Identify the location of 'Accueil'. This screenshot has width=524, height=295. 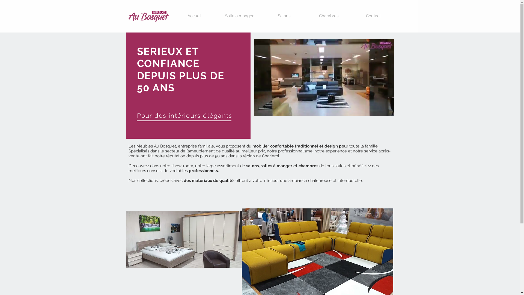
(194, 16).